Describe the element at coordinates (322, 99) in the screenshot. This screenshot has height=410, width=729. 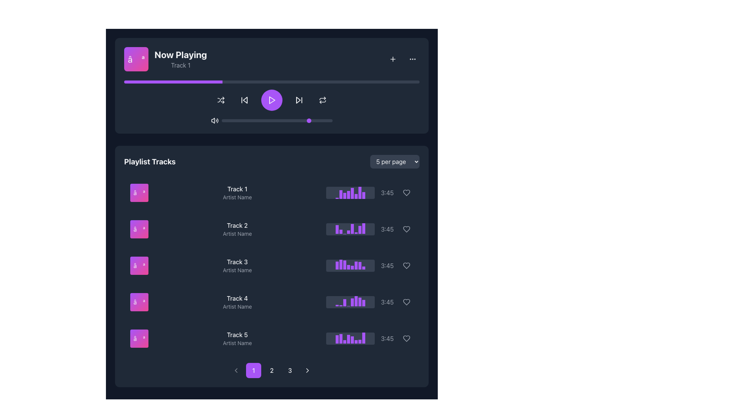
I see `the repeat action button, represented as an icon with arrows forming a circular shape, located within the 'Now Playing' area` at that location.